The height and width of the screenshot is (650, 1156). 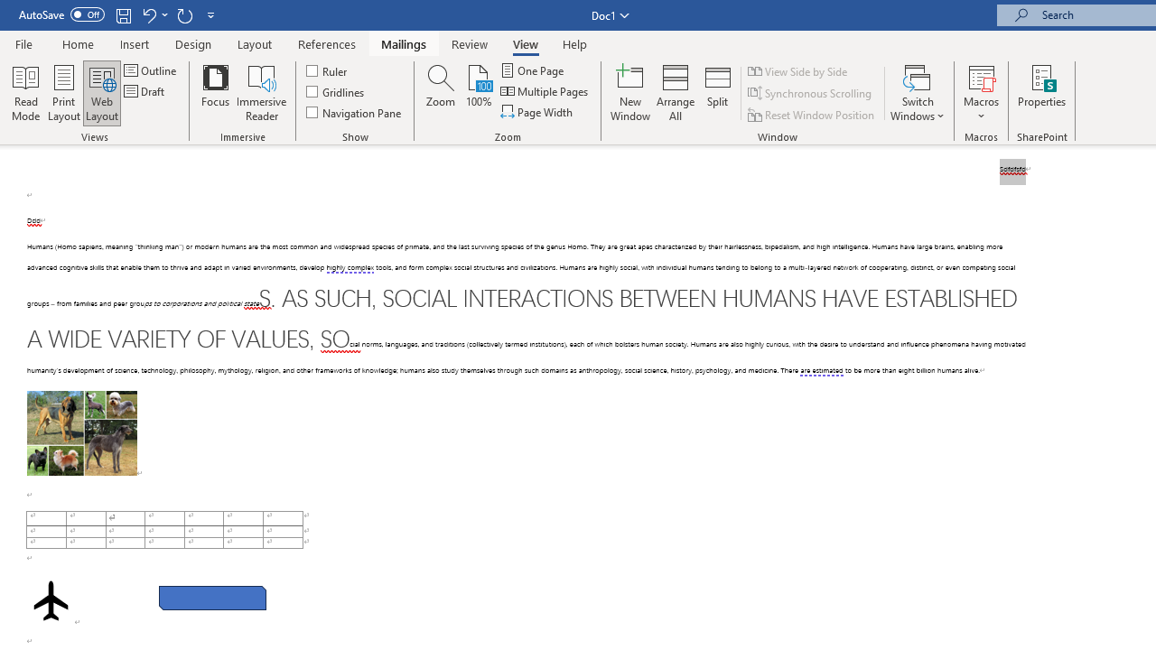 I want to click on 'Draft', so click(x=145, y=91).